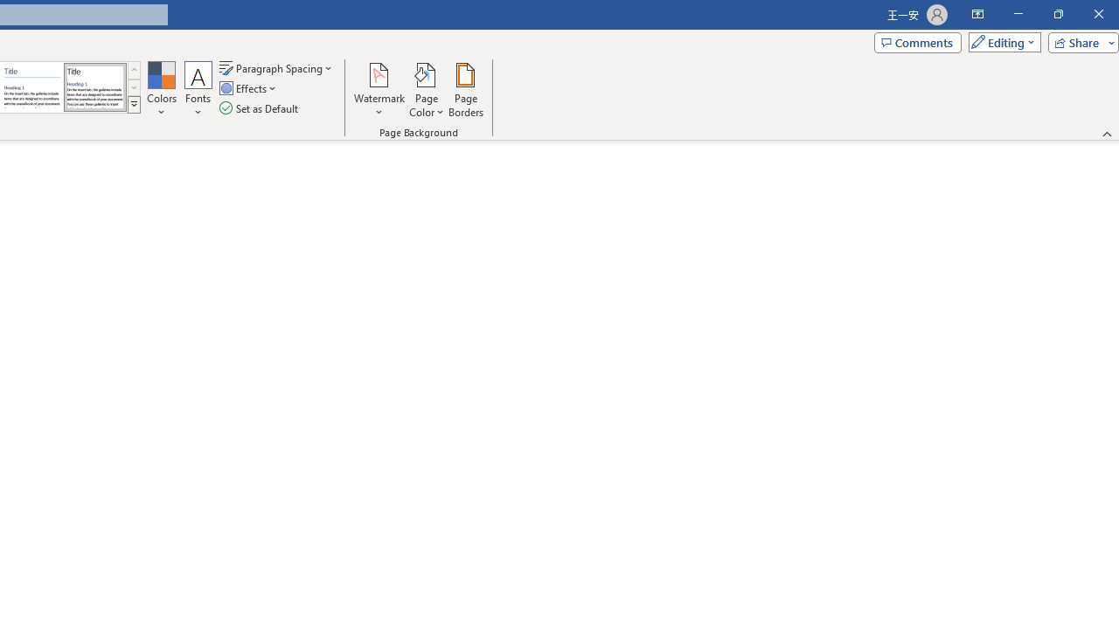 Image resolution: width=1119 pixels, height=629 pixels. What do you see at coordinates (276, 67) in the screenshot?
I see `'Paragraph Spacing'` at bounding box center [276, 67].